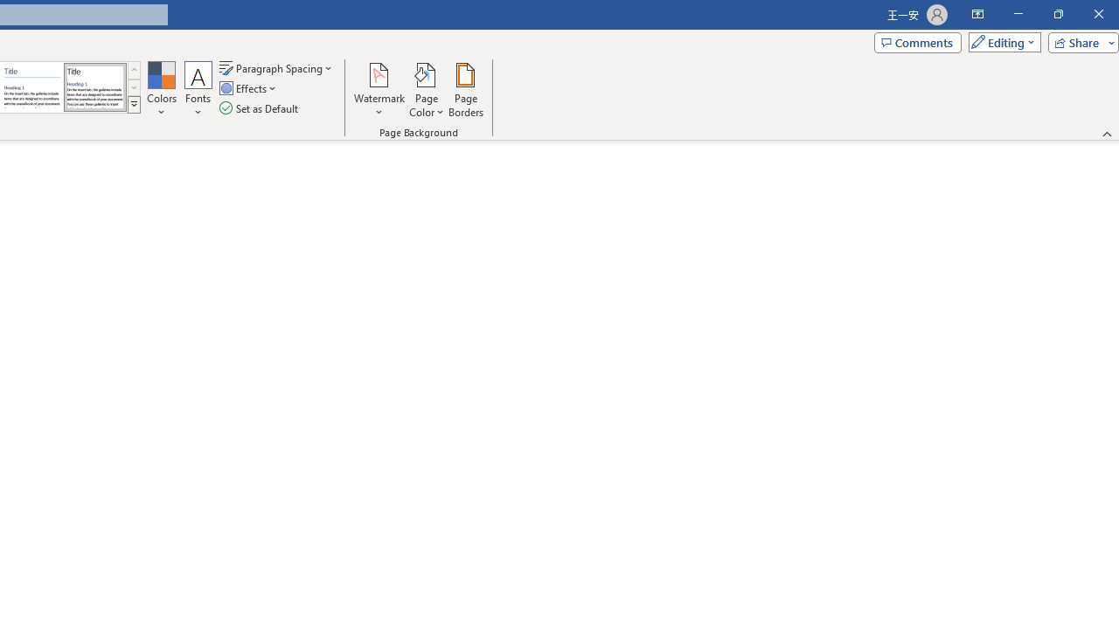 Image resolution: width=1119 pixels, height=629 pixels. What do you see at coordinates (276, 67) in the screenshot?
I see `'Paragraph Spacing'` at bounding box center [276, 67].